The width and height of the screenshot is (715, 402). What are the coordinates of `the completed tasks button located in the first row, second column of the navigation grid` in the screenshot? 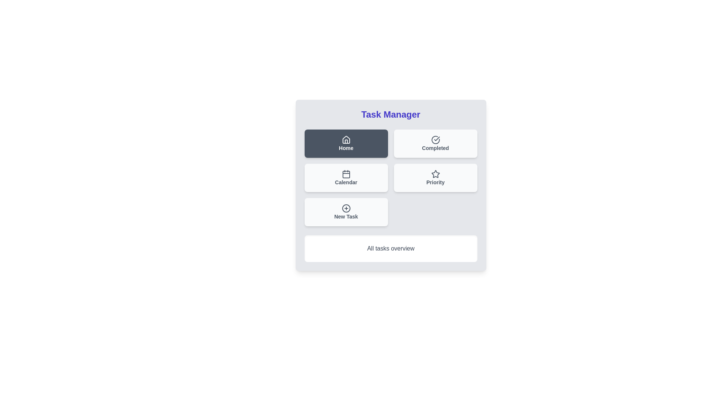 It's located at (435, 143).